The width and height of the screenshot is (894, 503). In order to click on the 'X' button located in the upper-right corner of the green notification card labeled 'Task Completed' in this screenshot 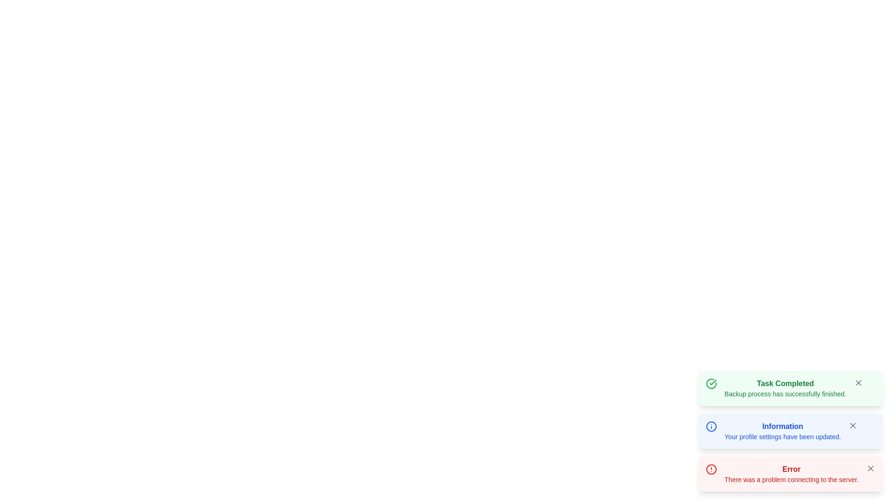, I will do `click(858, 382)`.